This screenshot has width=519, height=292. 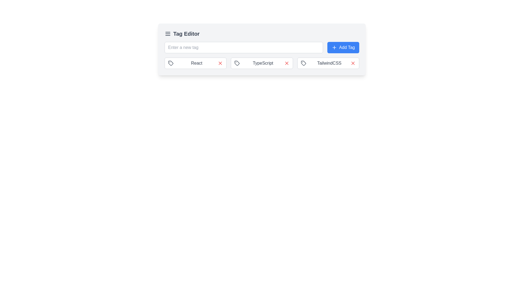 I want to click on the 'Tag Editor' text element, which is a bold and large gray font heading located in the top-left section of the interface, positioned prominently to the right of a navigation icon, so click(x=186, y=34).